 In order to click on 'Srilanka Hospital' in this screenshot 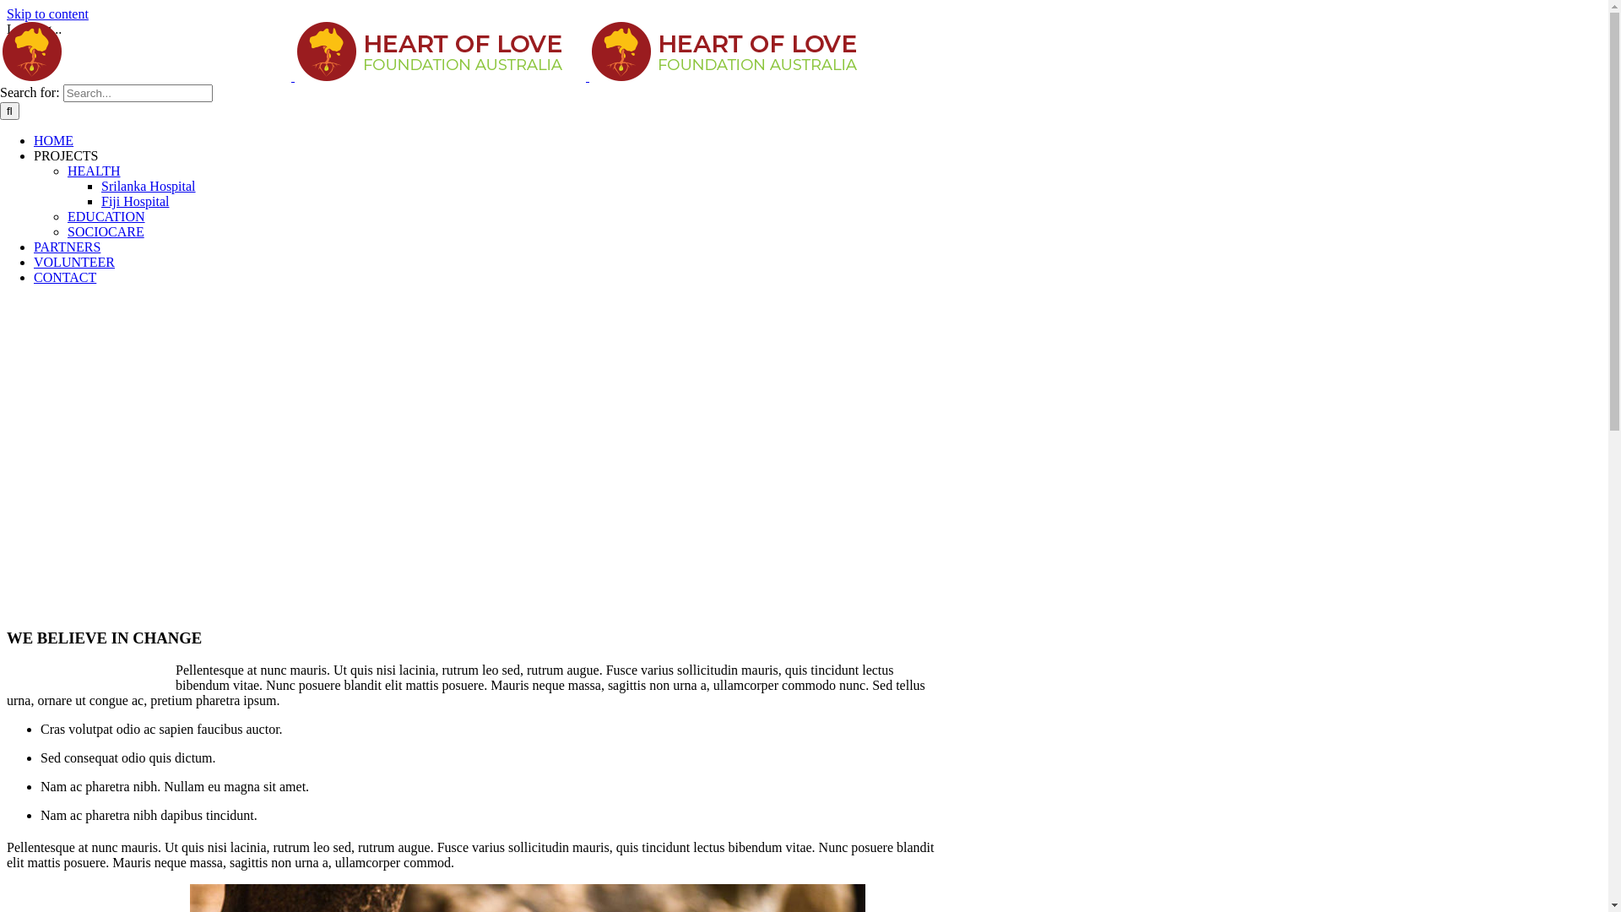, I will do `click(149, 186)`.